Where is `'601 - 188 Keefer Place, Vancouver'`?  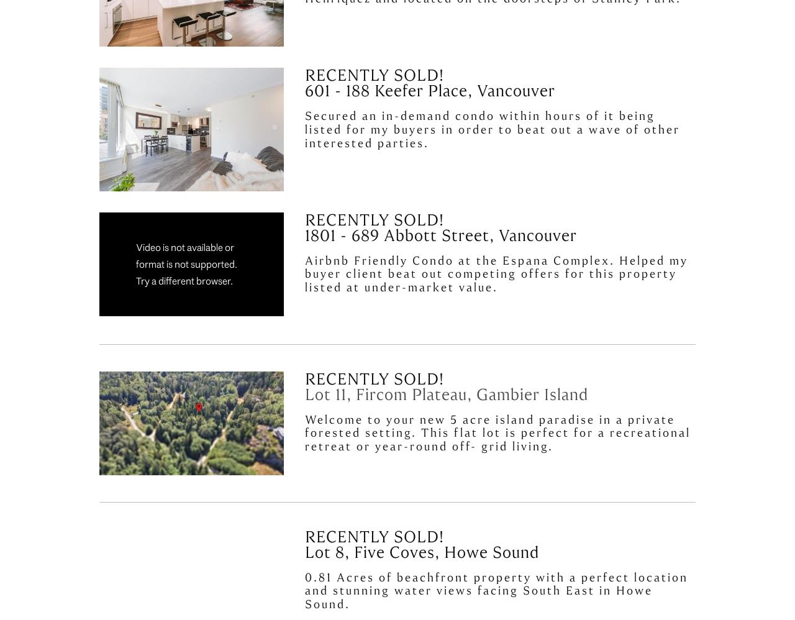 '601 - 188 Keefer Place, Vancouver' is located at coordinates (430, 91).